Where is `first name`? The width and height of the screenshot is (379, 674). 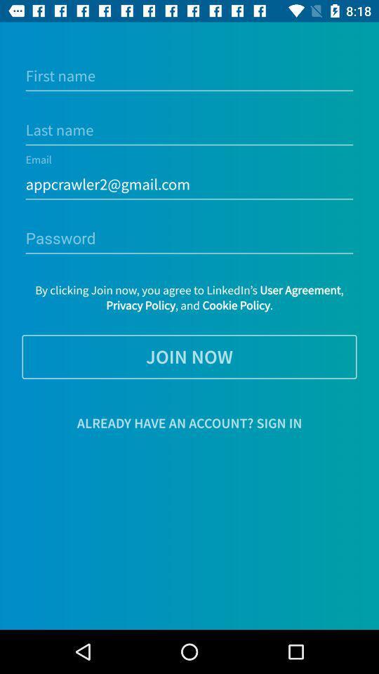
first name is located at coordinates (189, 76).